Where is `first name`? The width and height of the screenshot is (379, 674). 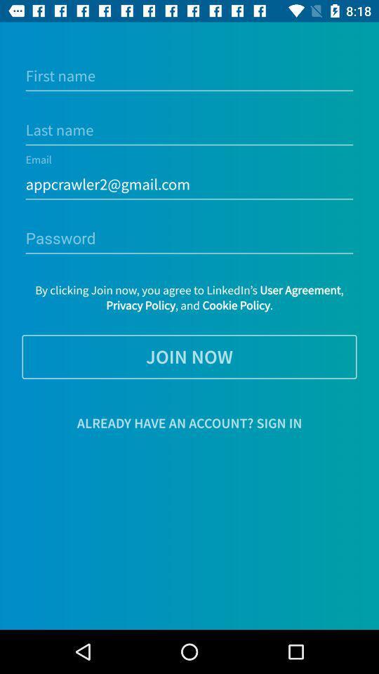
first name is located at coordinates (189, 76).